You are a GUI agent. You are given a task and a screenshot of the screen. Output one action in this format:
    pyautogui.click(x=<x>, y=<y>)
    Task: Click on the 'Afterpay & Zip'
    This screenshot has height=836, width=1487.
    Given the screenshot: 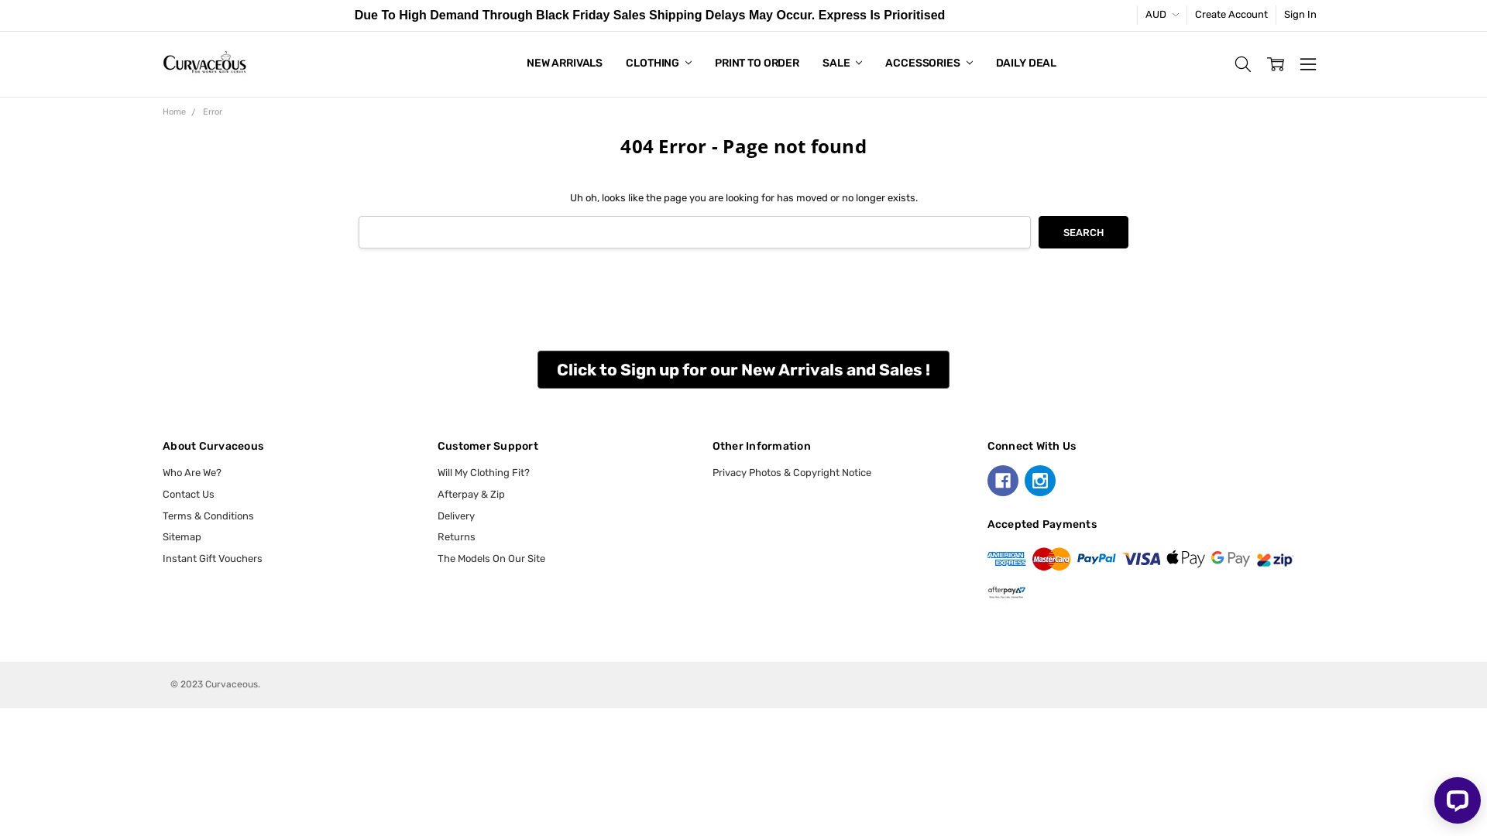 What is the action you would take?
    pyautogui.click(x=470, y=494)
    